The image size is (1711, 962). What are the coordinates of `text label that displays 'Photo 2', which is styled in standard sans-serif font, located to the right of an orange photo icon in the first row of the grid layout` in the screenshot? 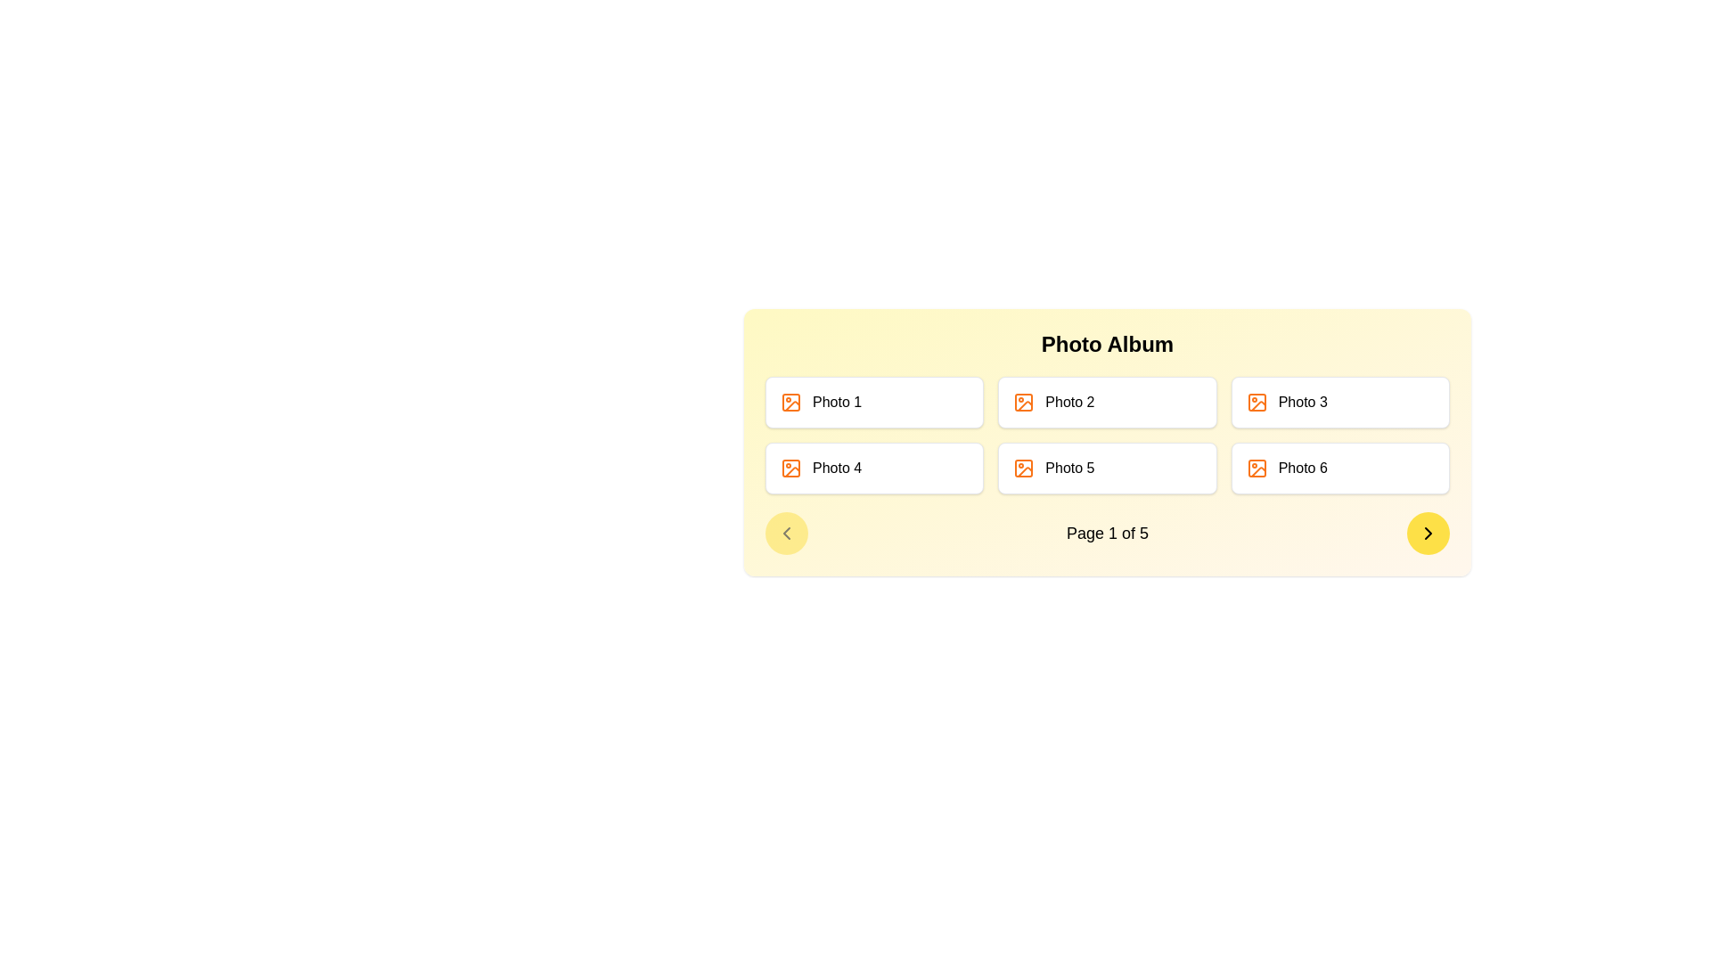 It's located at (1069, 402).